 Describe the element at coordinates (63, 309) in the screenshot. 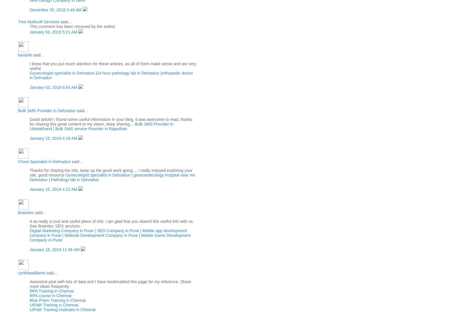

I see `'UiPath Training Institutes in Chennai'` at that location.